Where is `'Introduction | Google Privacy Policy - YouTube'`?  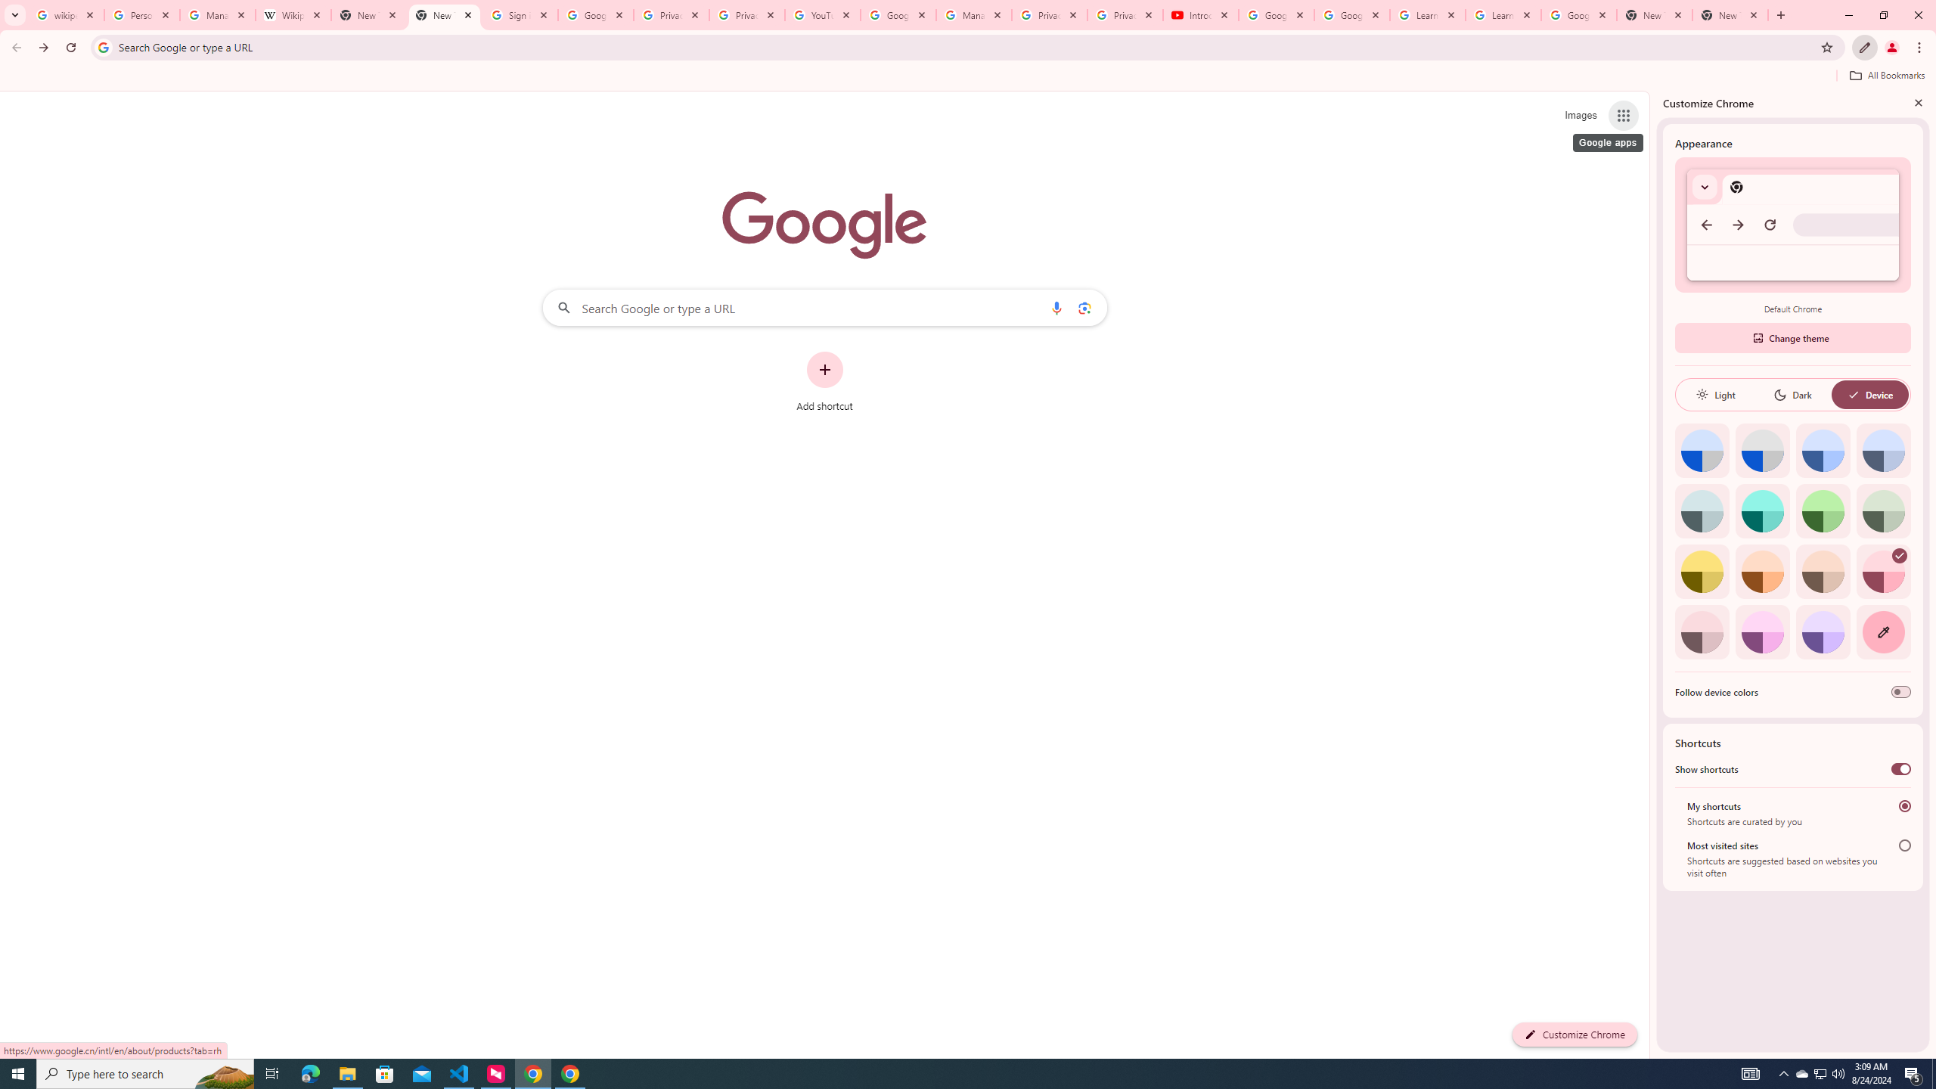
'Introduction | Google Privacy Policy - YouTube' is located at coordinates (1199, 14).